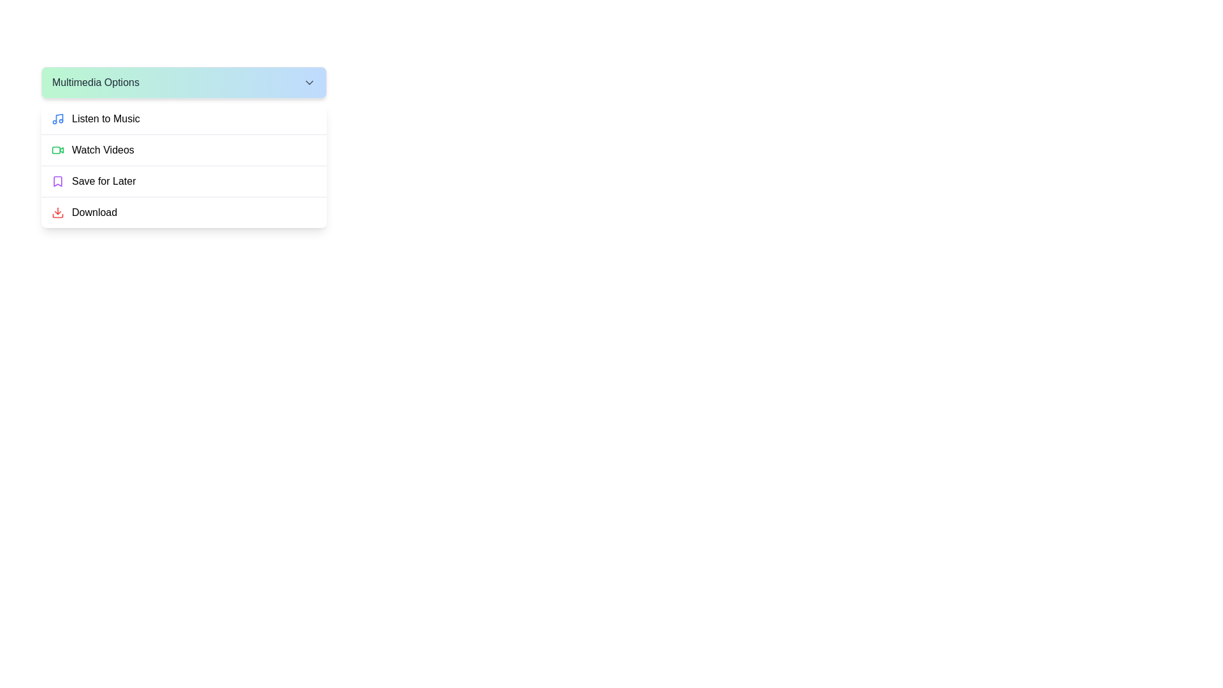  What do you see at coordinates (183, 118) in the screenshot?
I see `the first menu item in the 'Multimedia Options' dropdown list` at bounding box center [183, 118].